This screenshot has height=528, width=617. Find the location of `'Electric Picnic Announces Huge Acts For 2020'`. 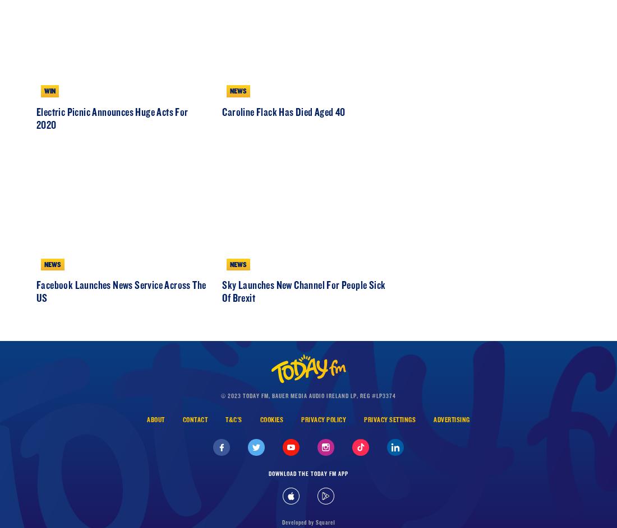

'Electric Picnic Announces Huge Acts For 2020' is located at coordinates (111, 165).